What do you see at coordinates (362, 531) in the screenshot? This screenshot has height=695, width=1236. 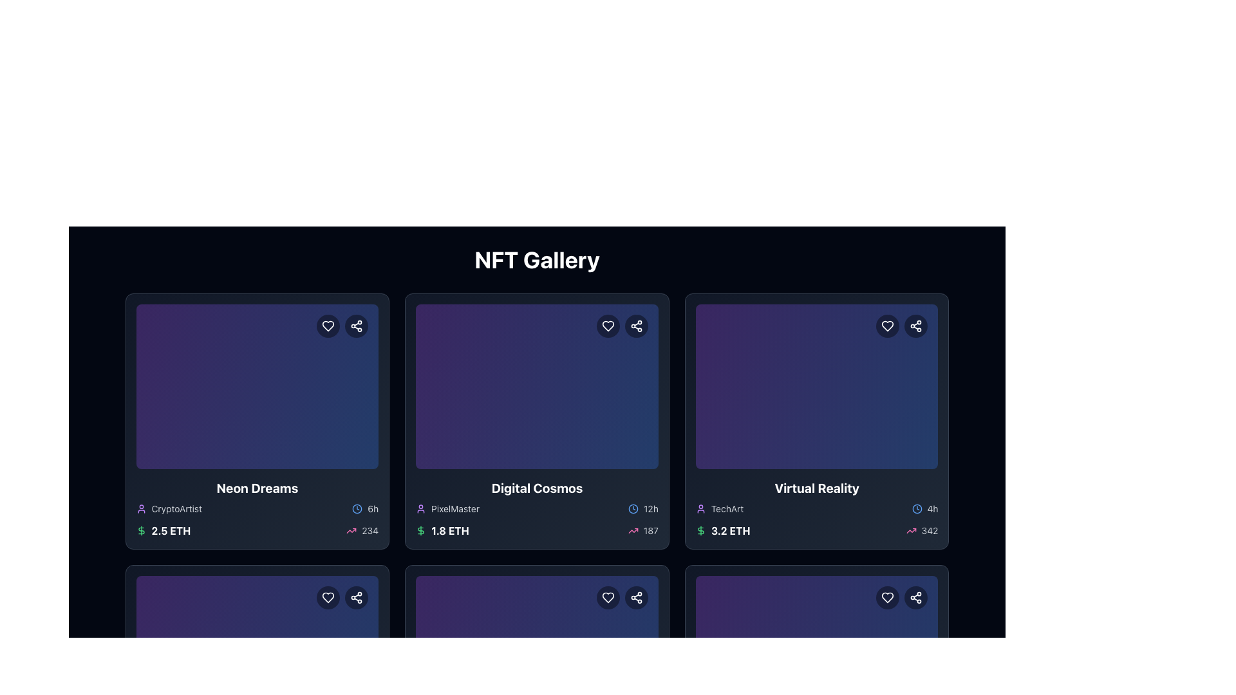 I see `the Text with Icon element that displays a numerical value indicating a count or metric, positioned at the bottom-right of the main card block, adjacent to an upward trend icon` at bounding box center [362, 531].